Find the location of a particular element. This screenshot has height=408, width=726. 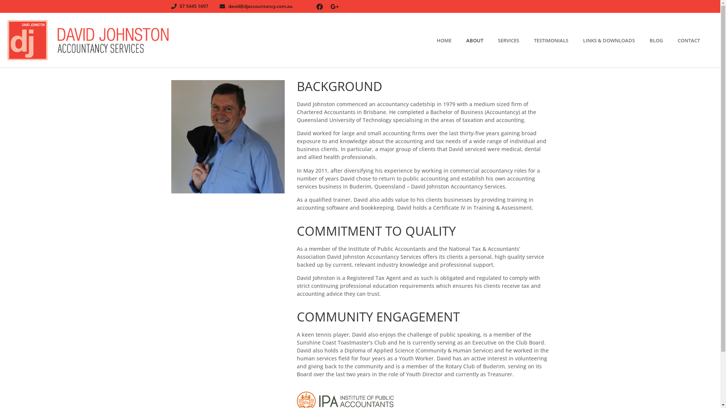

'david@djaccountancy.com.au' is located at coordinates (256, 6).